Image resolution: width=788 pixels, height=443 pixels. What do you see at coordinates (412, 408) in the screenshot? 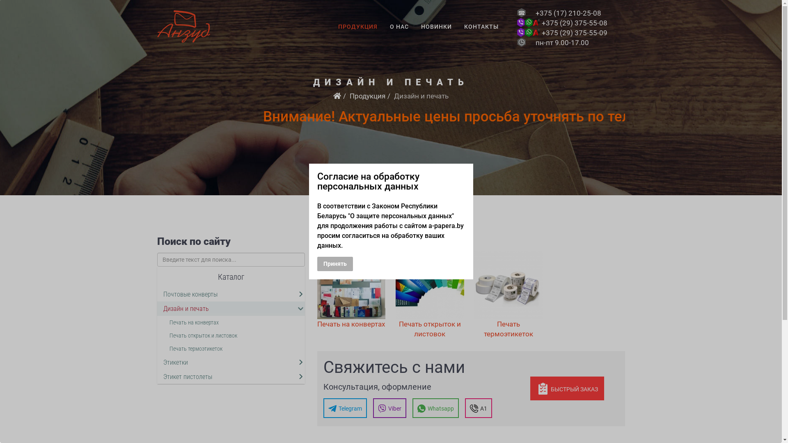
I see `'Whatsapp'` at bounding box center [412, 408].